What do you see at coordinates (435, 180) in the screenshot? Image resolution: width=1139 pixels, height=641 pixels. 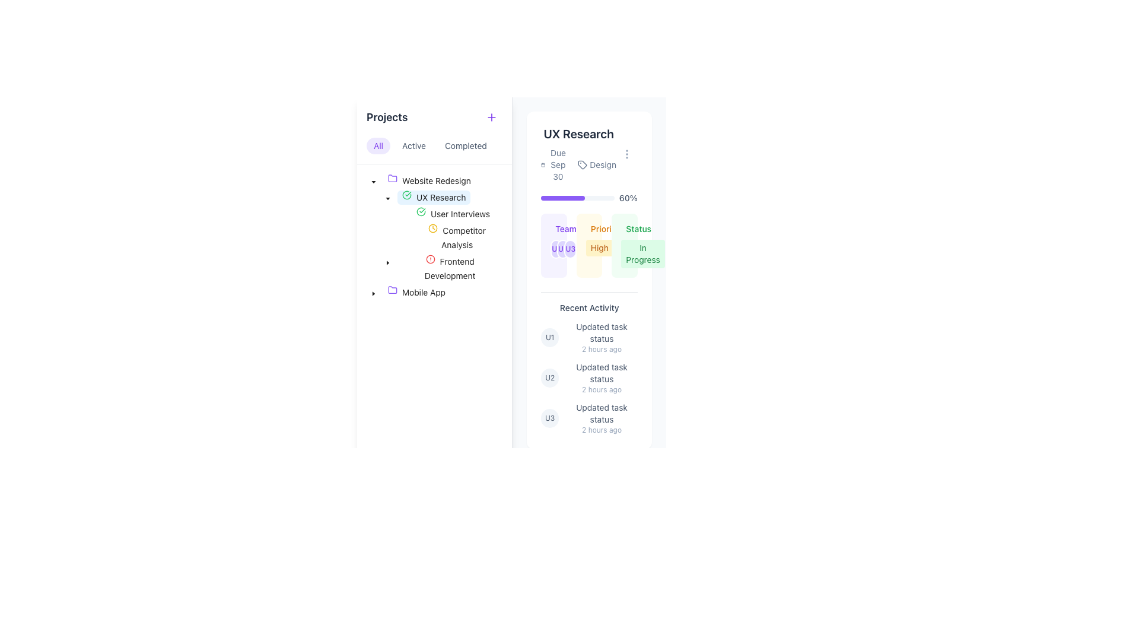 I see `the project category label in the hierarchical tree view` at bounding box center [435, 180].